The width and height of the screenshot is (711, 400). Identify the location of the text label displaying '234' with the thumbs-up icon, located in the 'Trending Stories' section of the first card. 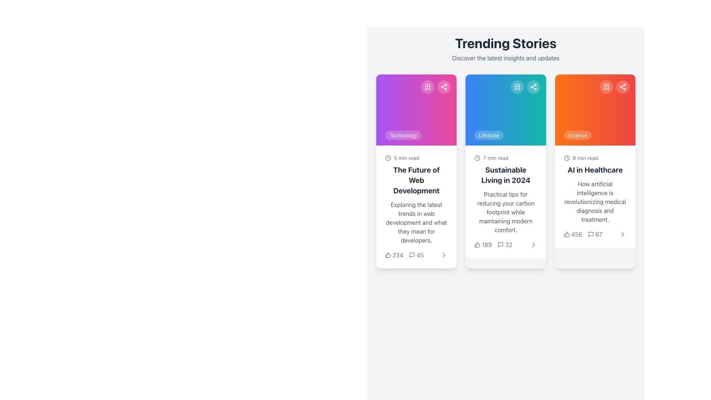
(394, 255).